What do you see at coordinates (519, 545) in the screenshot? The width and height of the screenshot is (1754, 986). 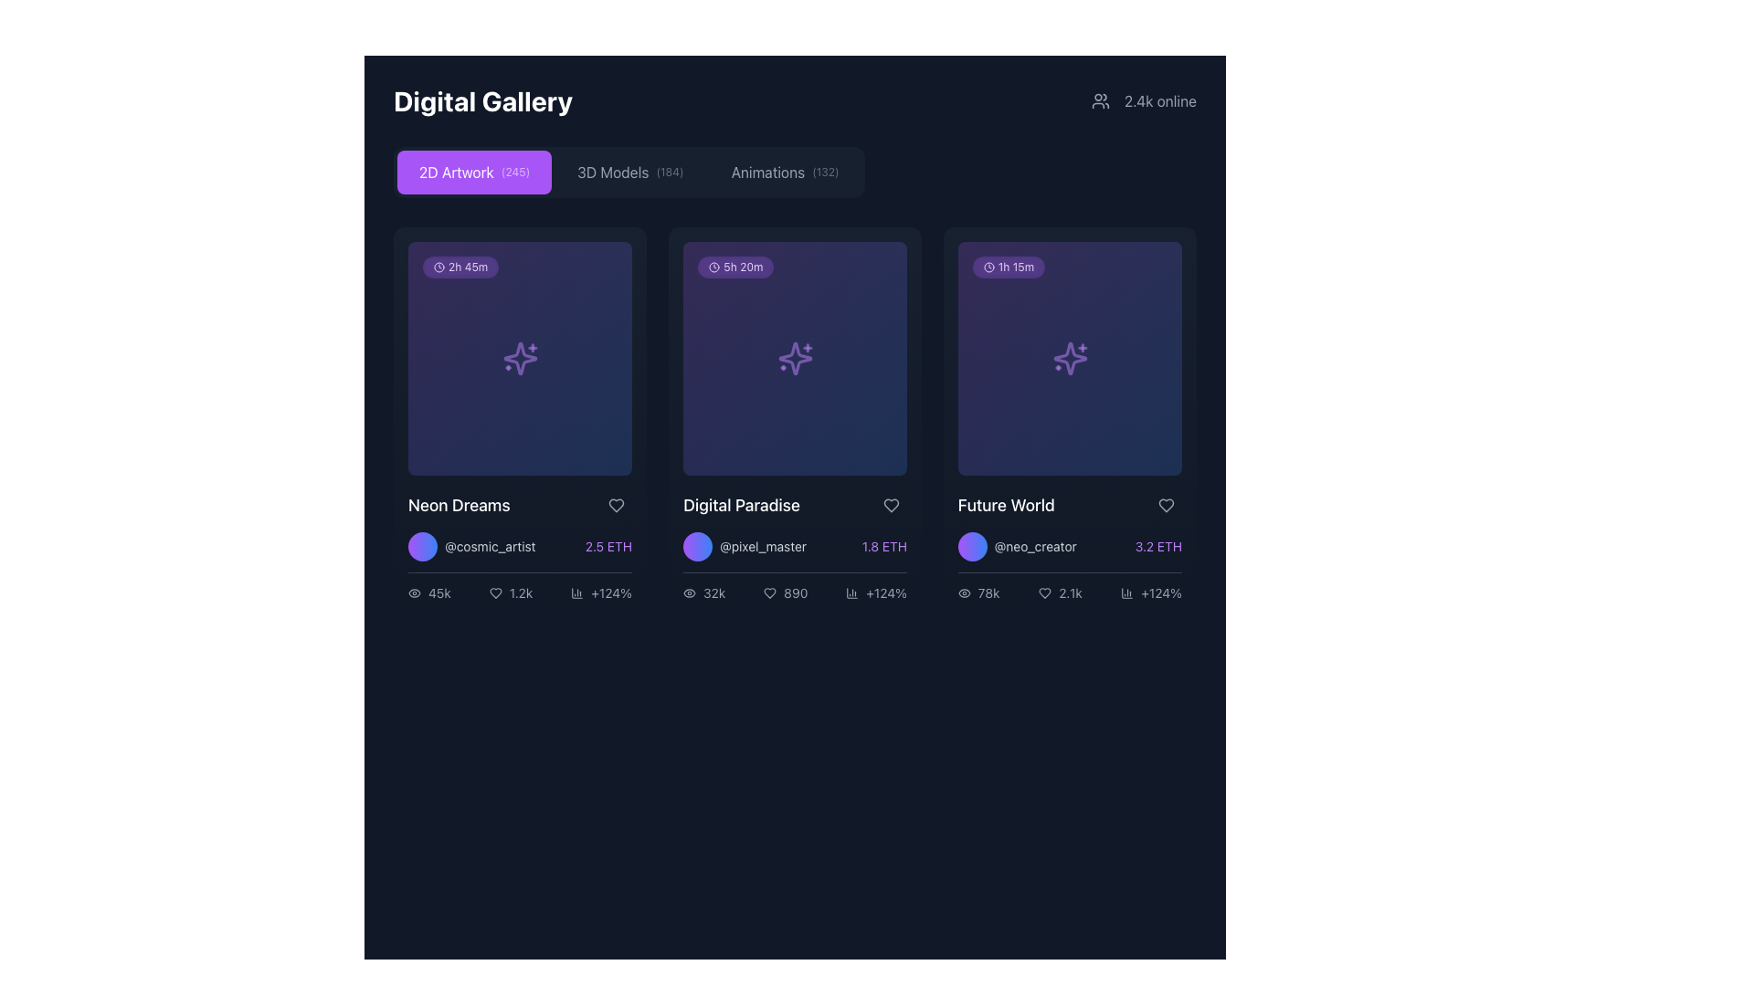 I see `the username '@cosmic_artist' displayed in gray text for possible navigation, located below the title 'Neon Dreams' and above the statistics section` at bounding box center [519, 545].